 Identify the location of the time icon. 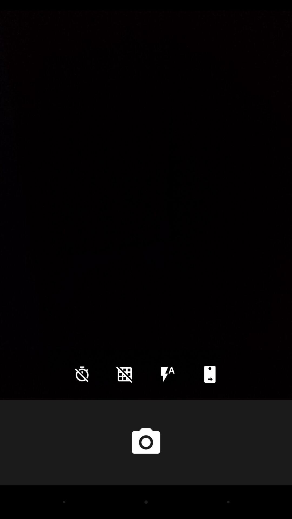
(82, 374).